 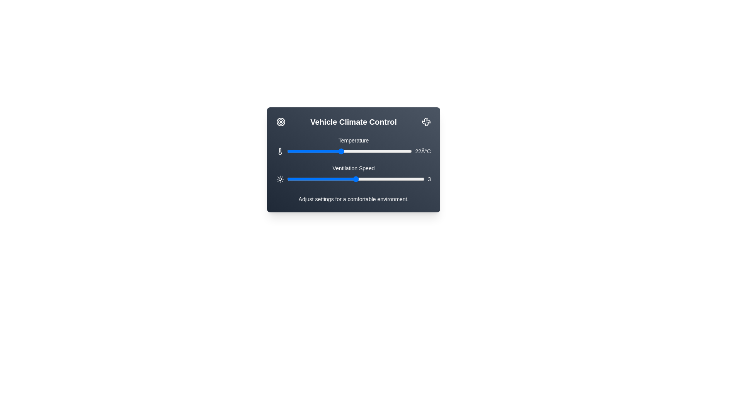 I want to click on the temperature slider to 23 degrees Celsius, so click(x=349, y=151).